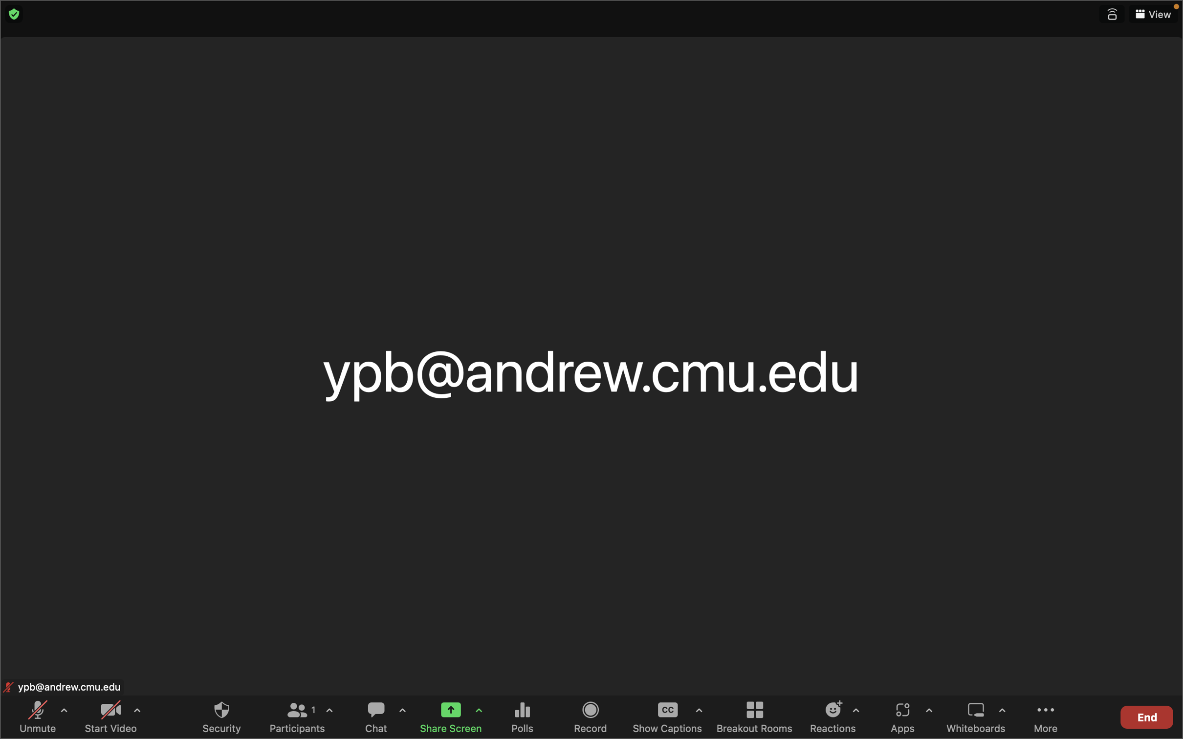 The width and height of the screenshot is (1183, 739). What do you see at coordinates (1153, 14) in the screenshot?
I see `layout preferences` at bounding box center [1153, 14].